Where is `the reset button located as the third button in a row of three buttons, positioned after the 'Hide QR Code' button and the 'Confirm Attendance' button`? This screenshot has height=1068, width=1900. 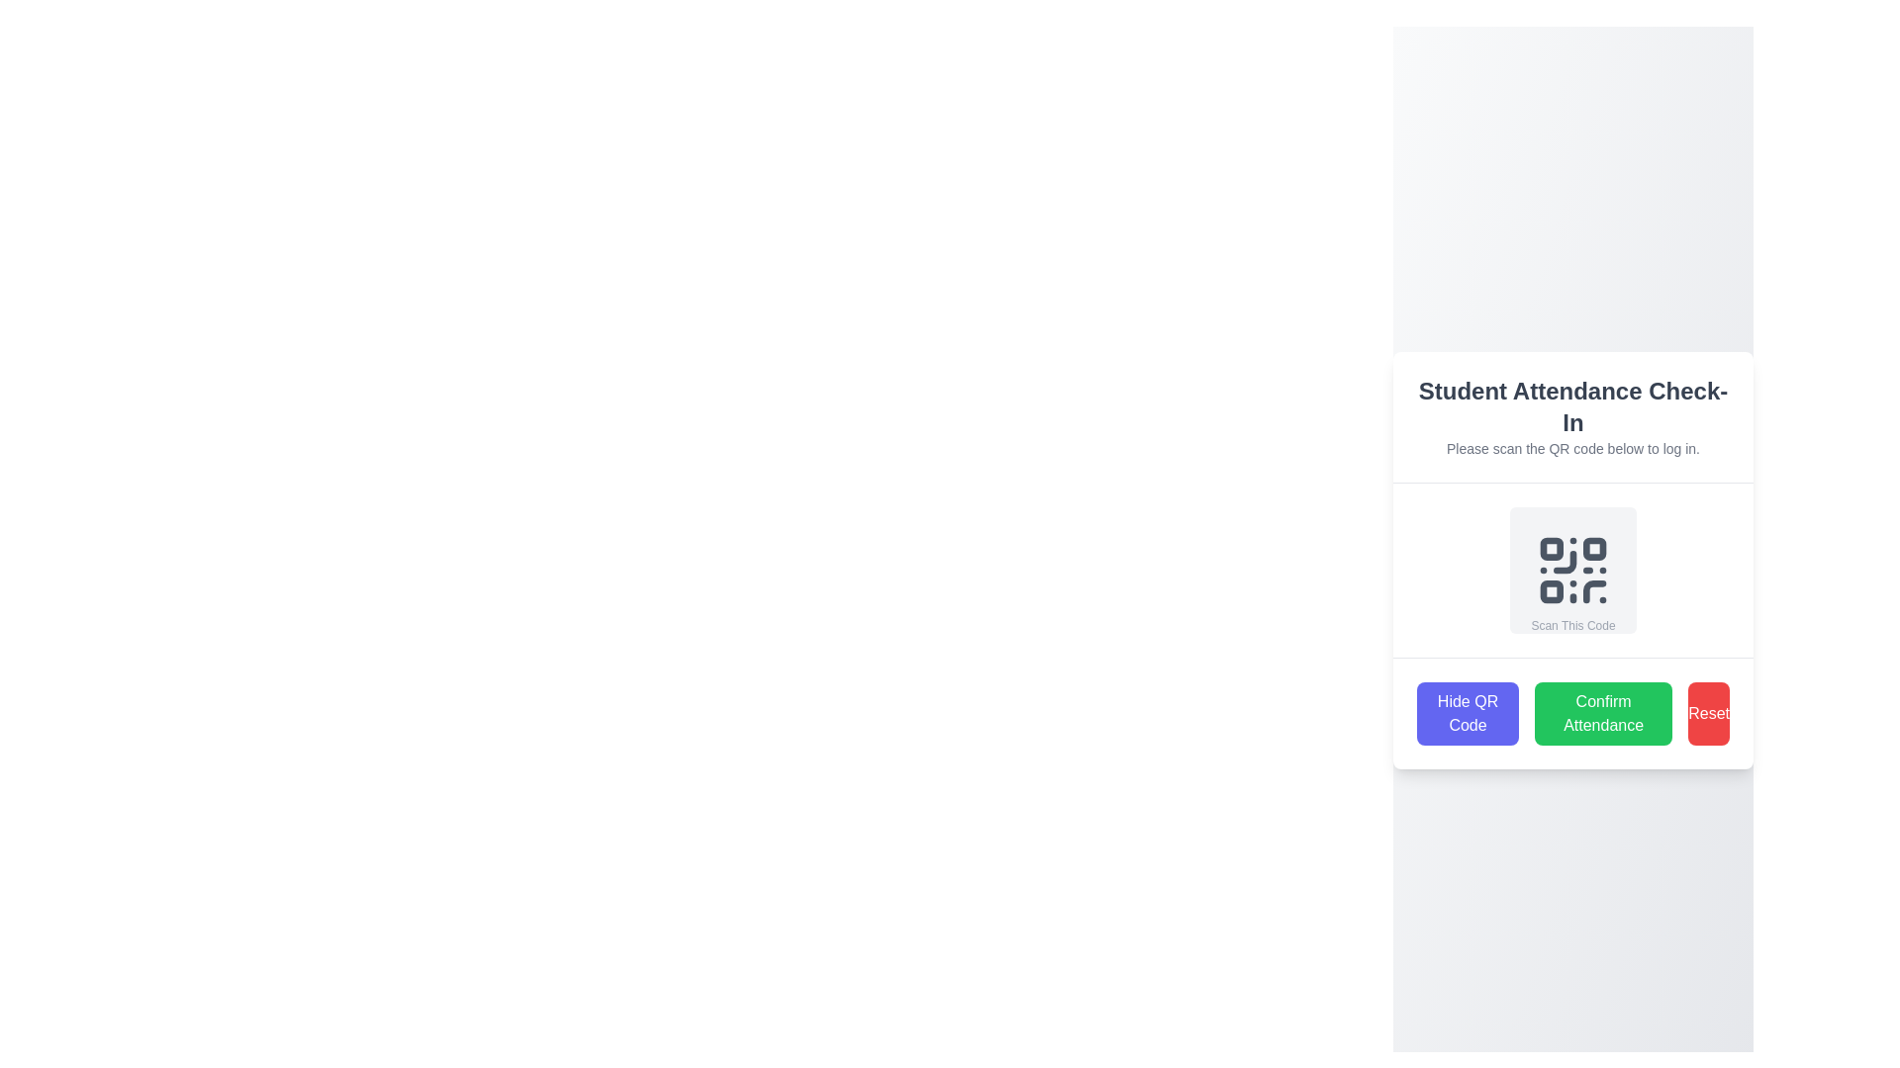
the reset button located as the third button in a row of three buttons, positioned after the 'Hide QR Code' button and the 'Confirm Attendance' button is located at coordinates (1708, 713).